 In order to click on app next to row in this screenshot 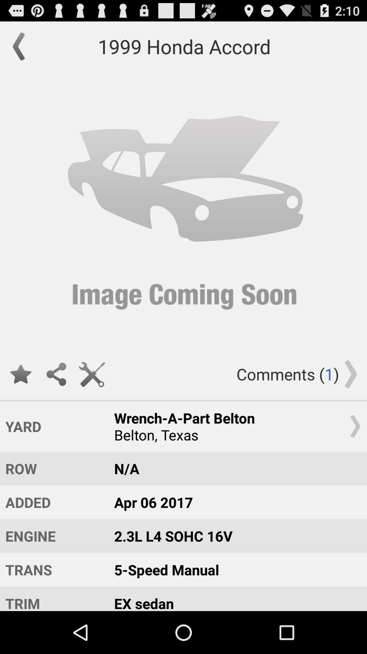, I will do `click(234, 468)`.